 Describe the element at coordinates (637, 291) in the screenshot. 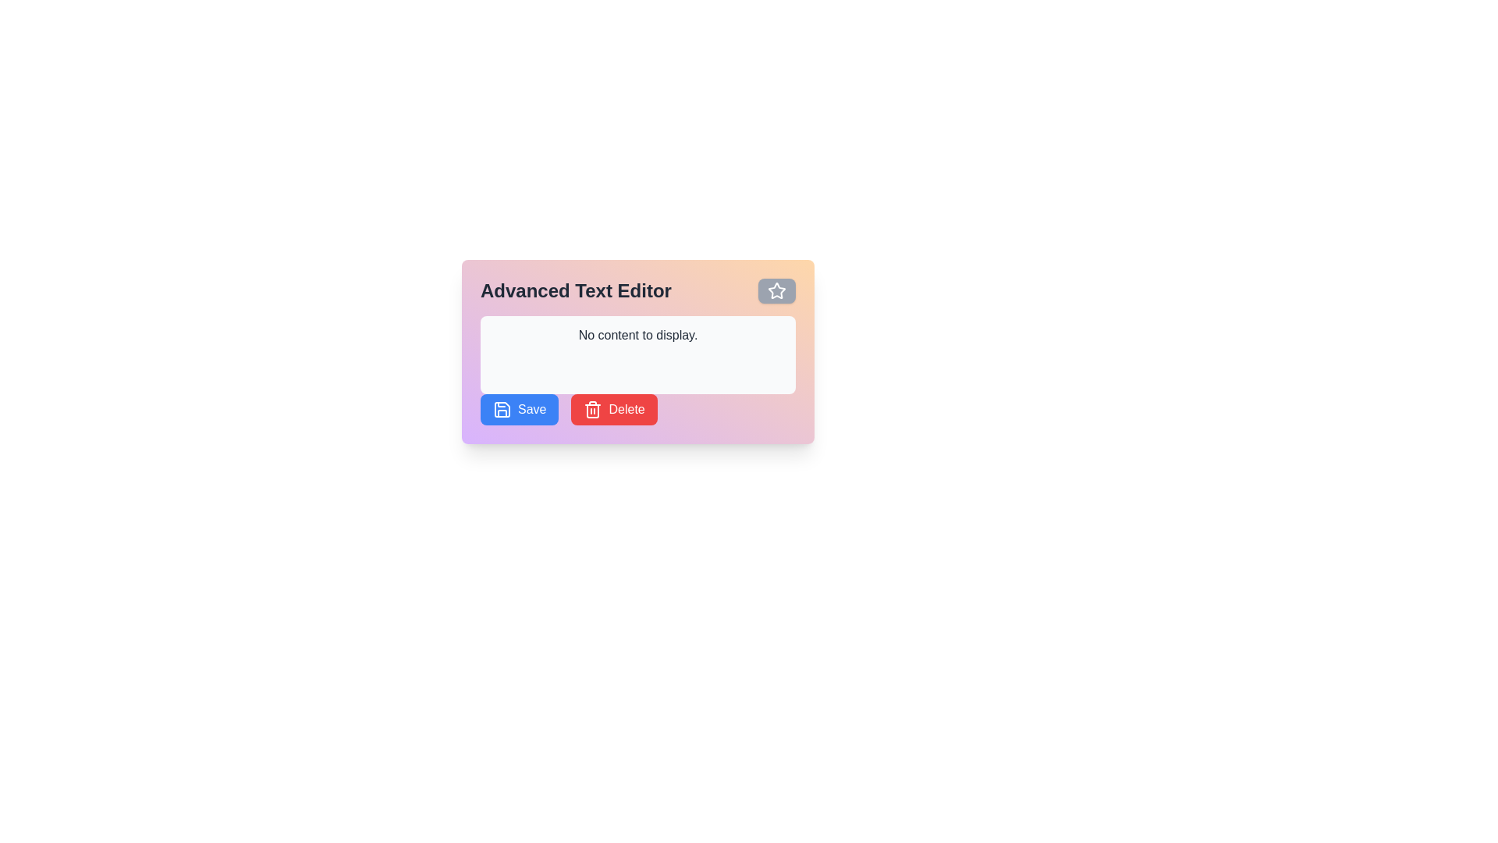

I see `the heading text label located at the top of the content panel, indicating the section's purpose, which is positioned above the textbox labeled 'No content` at that location.